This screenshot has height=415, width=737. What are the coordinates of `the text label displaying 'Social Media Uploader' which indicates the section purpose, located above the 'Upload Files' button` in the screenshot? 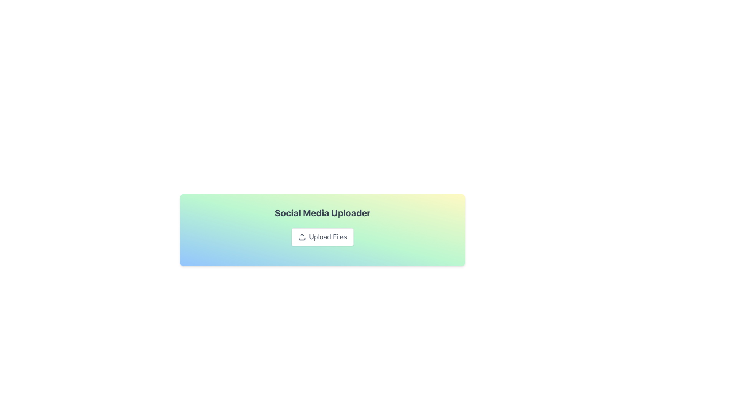 It's located at (322, 213).